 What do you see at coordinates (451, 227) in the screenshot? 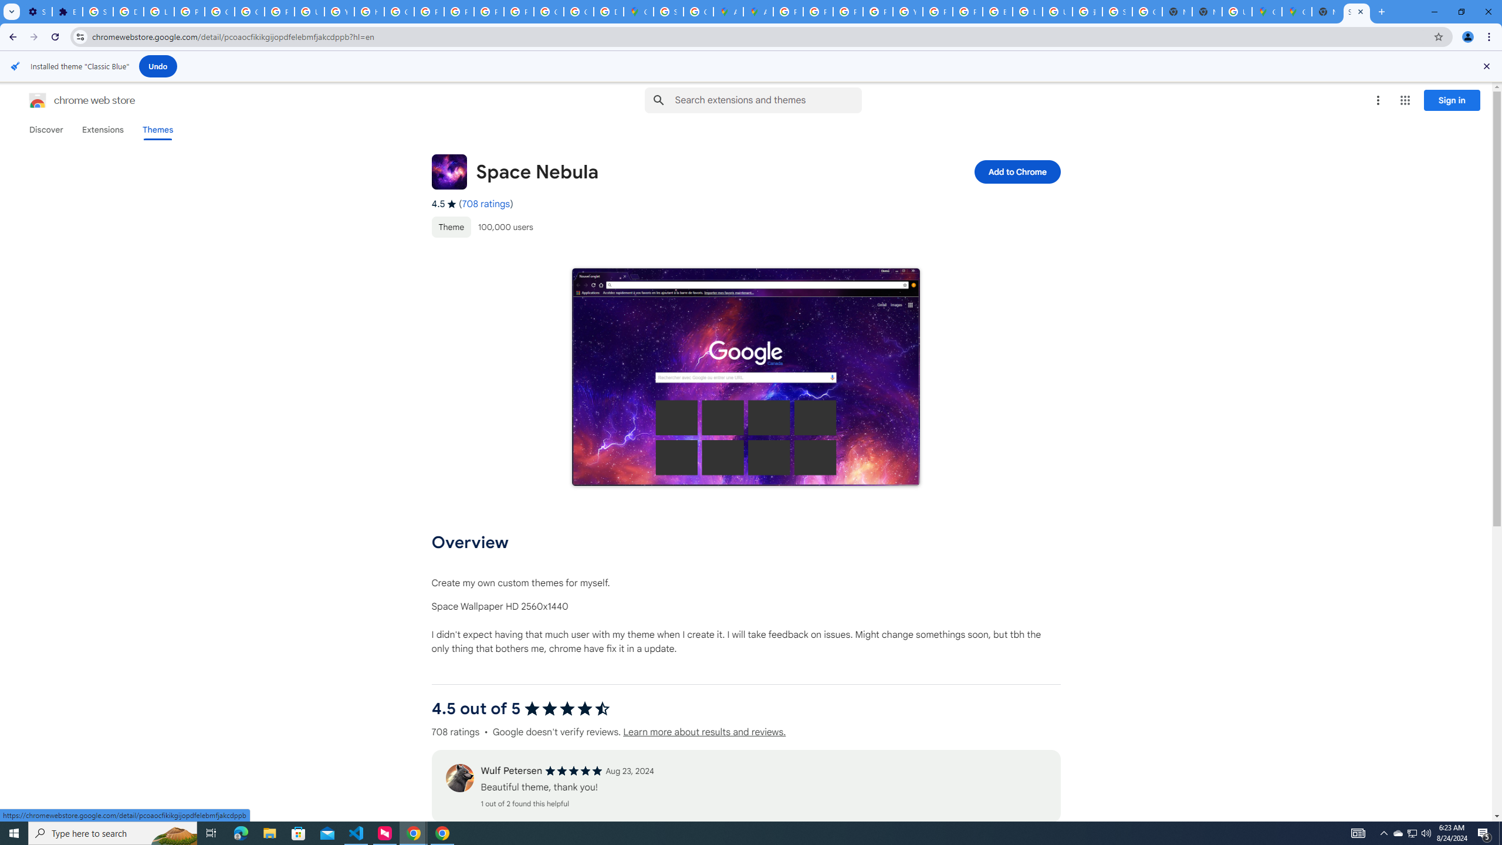
I see `'Theme'` at bounding box center [451, 227].